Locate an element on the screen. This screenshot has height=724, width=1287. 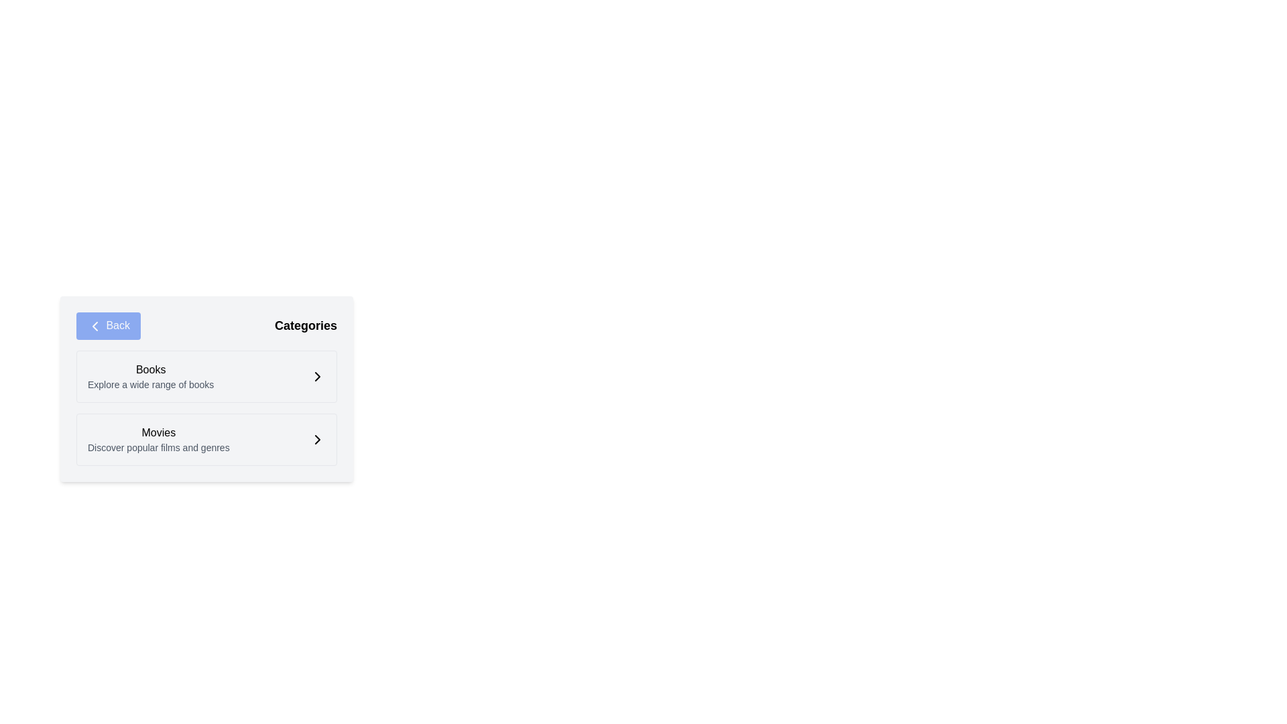
the right-facing chevron arrow icon located to the right of the 'Movies' item in the category list is located at coordinates (317, 439).